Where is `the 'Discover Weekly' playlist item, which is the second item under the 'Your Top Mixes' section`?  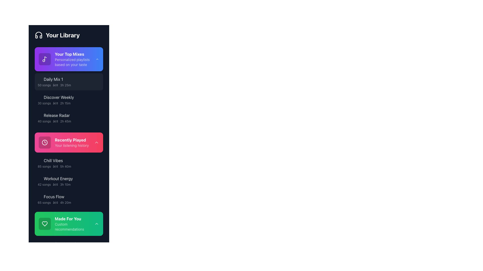
the 'Discover Weekly' playlist item, which is the second item under the 'Your Top Mixes' section is located at coordinates (68, 100).